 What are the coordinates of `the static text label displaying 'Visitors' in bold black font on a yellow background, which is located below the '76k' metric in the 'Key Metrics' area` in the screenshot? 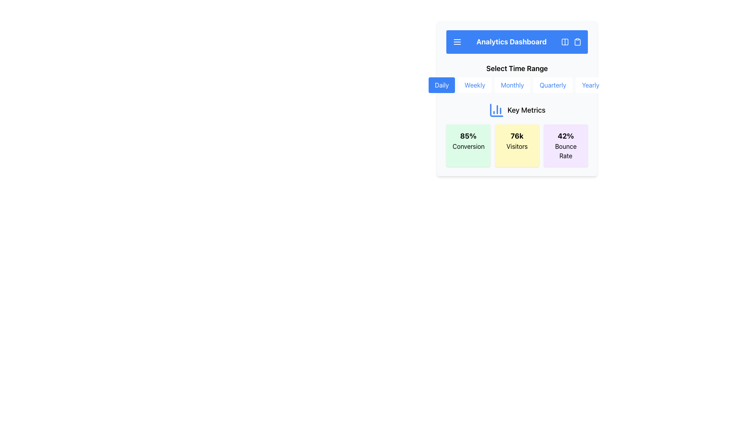 It's located at (517, 146).